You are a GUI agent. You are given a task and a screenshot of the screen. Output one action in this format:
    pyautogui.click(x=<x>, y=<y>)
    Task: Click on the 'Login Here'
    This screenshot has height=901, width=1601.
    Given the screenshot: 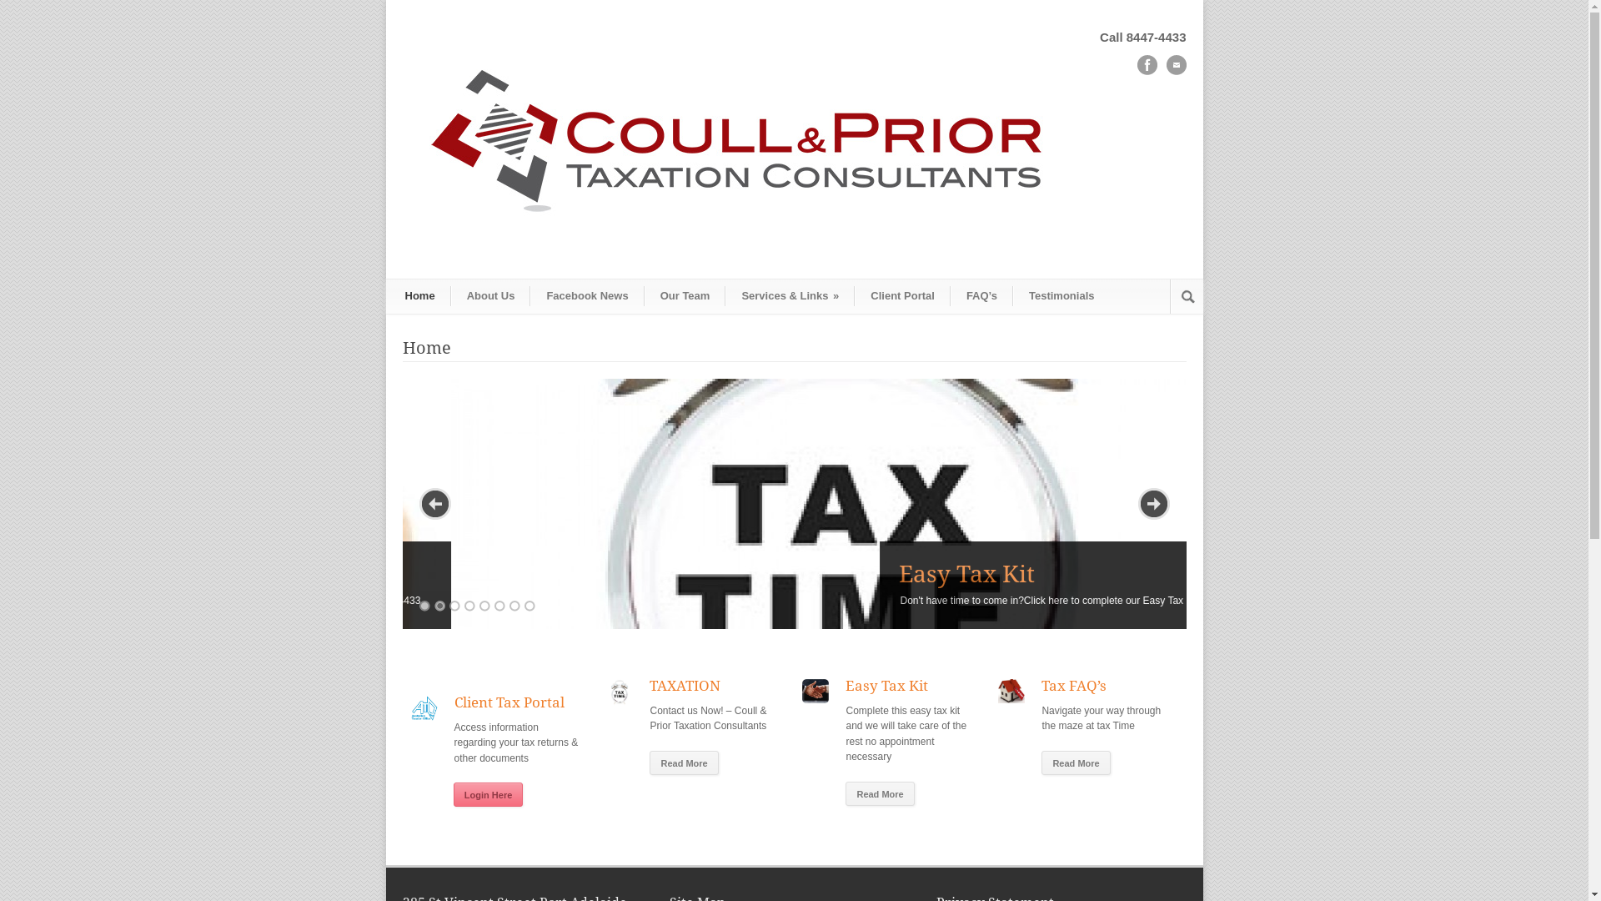 What is the action you would take?
    pyautogui.click(x=487, y=793)
    